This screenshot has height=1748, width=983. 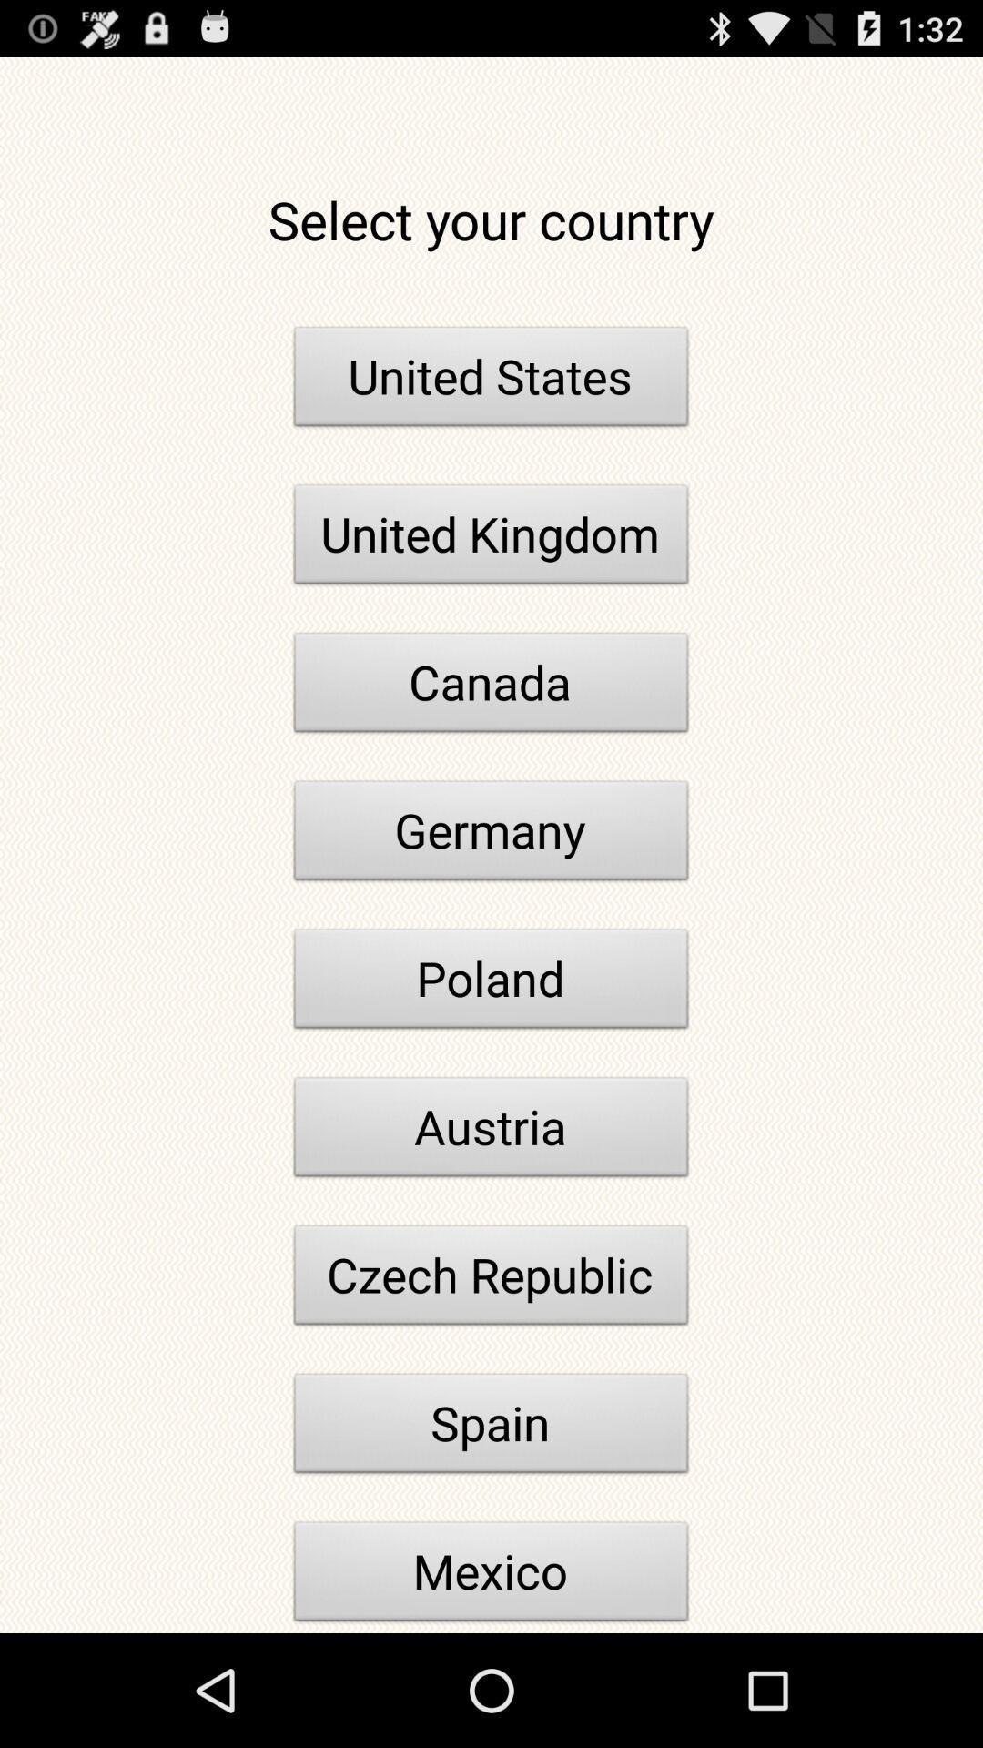 I want to click on czech republic, so click(x=491, y=1279).